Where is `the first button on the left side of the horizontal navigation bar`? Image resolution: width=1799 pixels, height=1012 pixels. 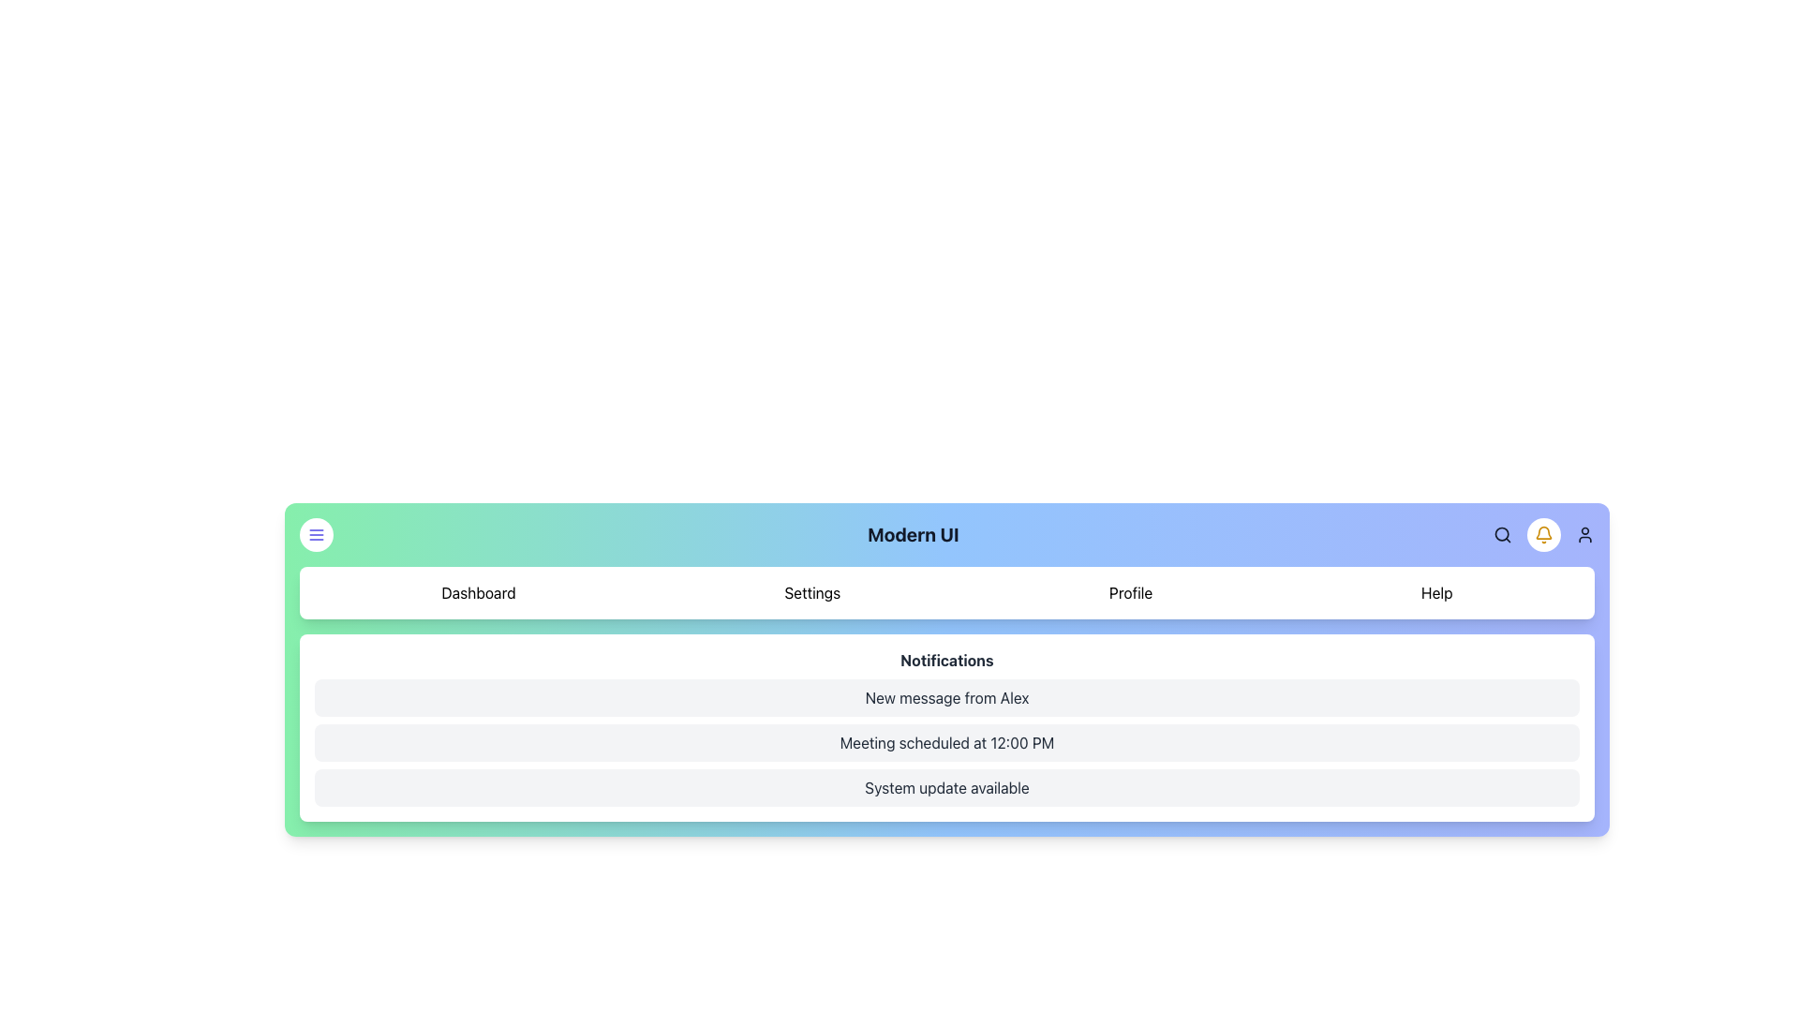 the first button on the left side of the horizontal navigation bar is located at coordinates (316, 534).